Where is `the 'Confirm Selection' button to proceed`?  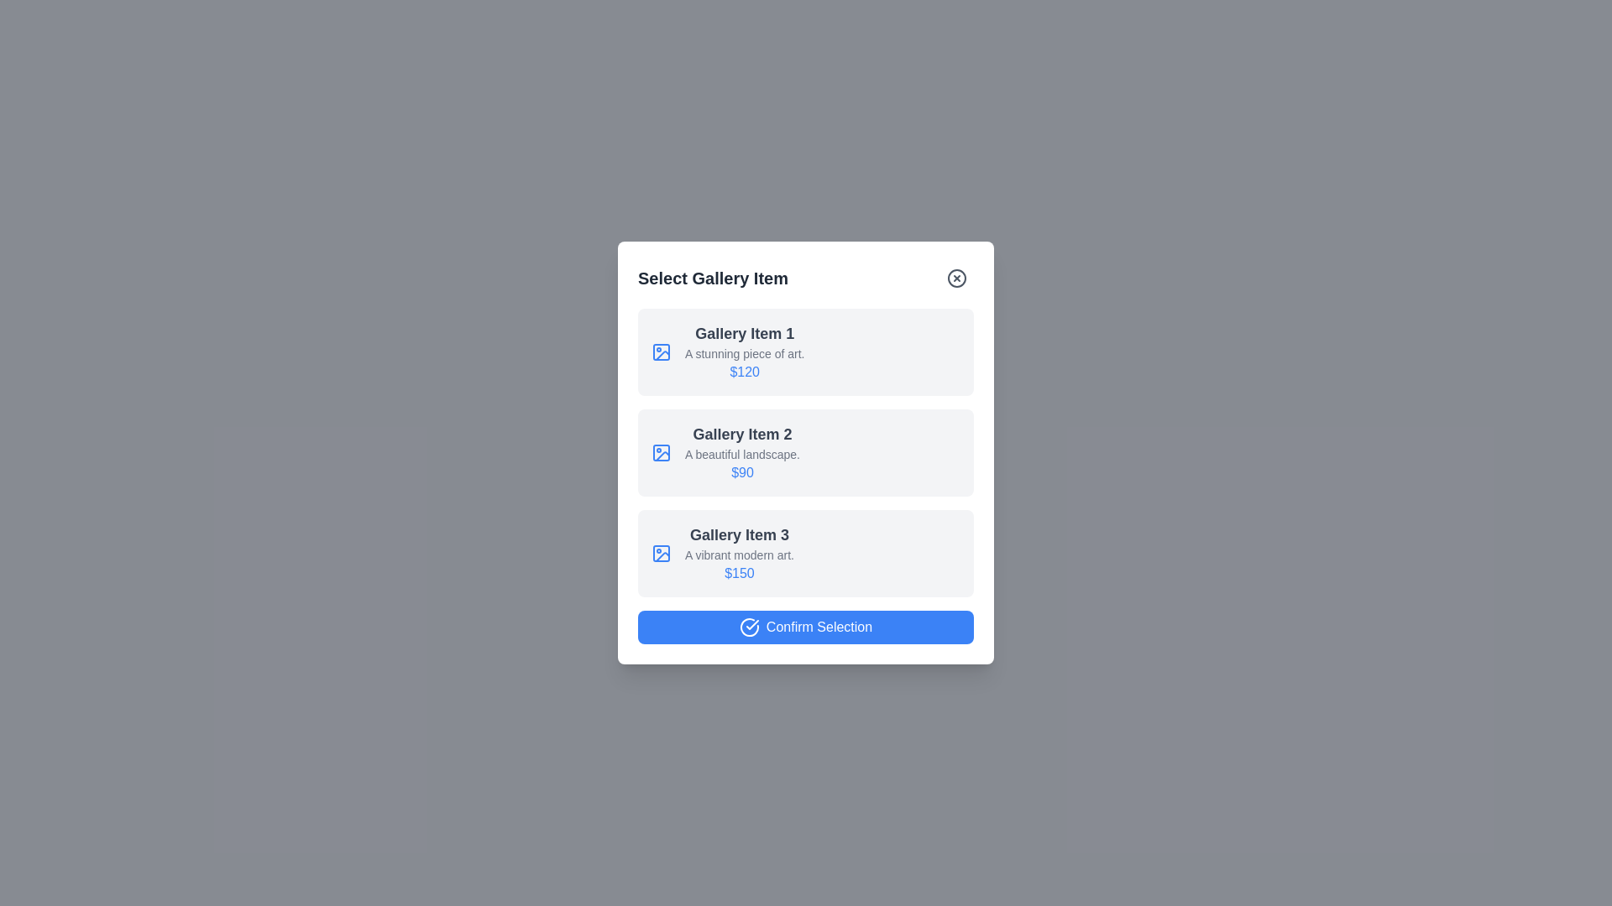
the 'Confirm Selection' button to proceed is located at coordinates (806, 627).